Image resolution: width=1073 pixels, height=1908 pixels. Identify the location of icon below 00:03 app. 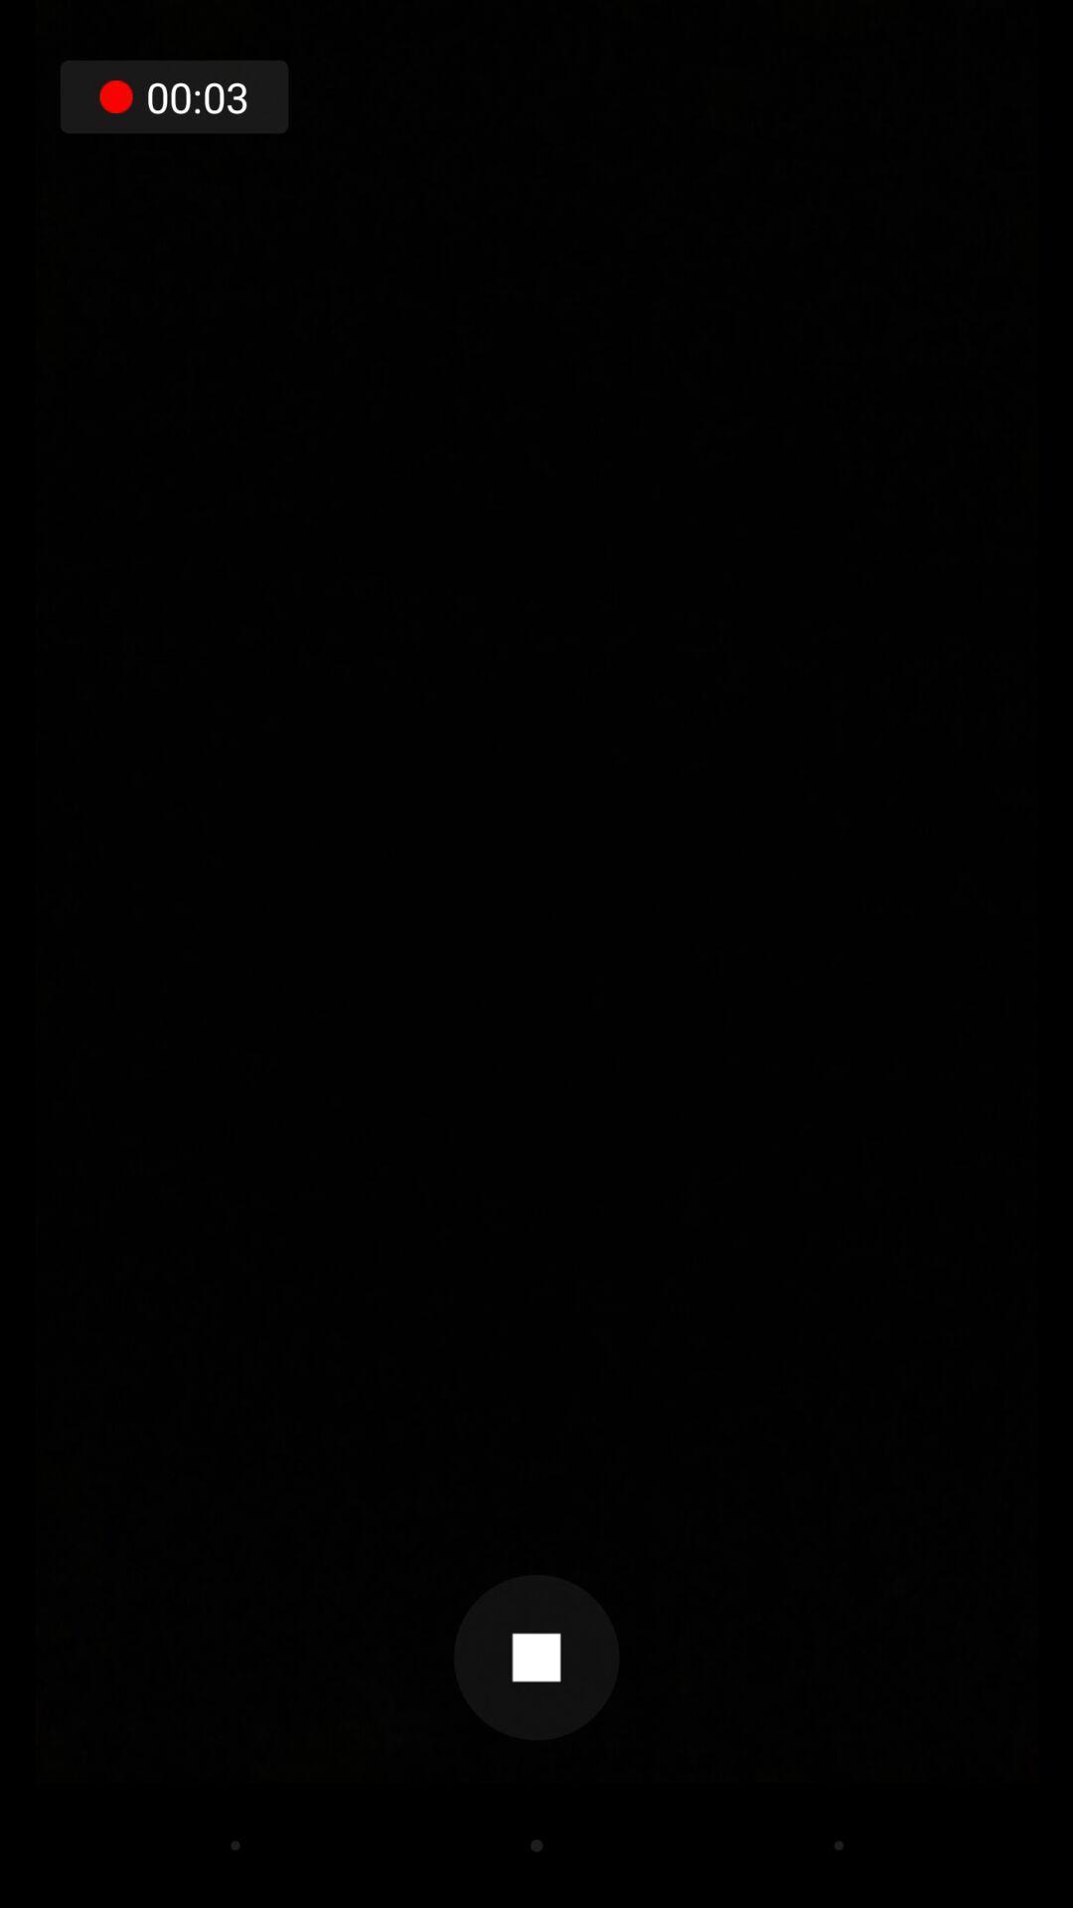
(536, 1658).